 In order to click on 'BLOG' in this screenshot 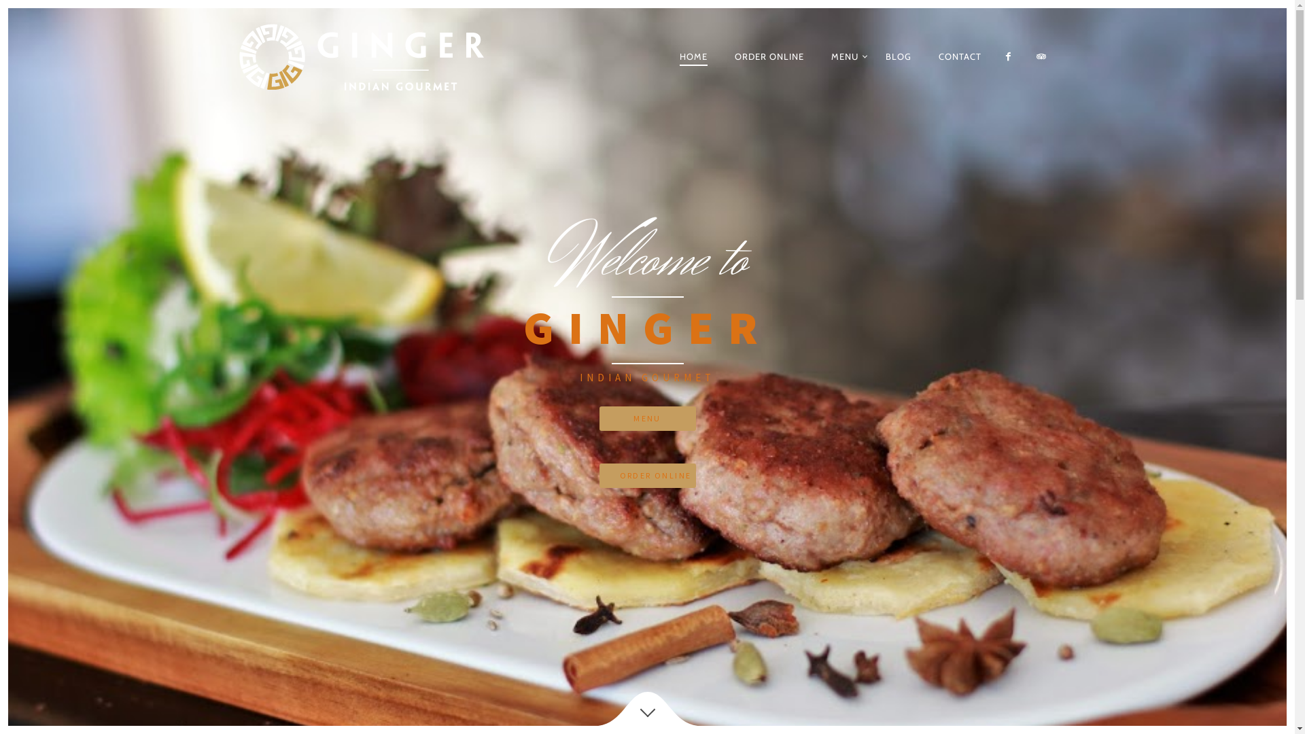, I will do `click(898, 56)`.